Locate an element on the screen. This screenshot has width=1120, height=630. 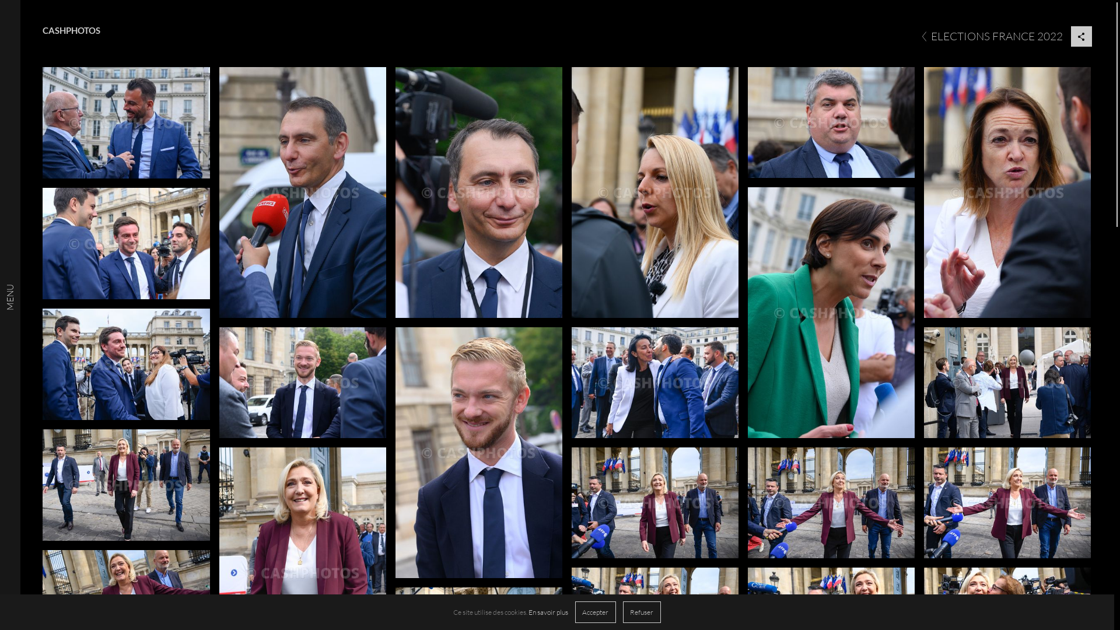
'Accepter' is located at coordinates (596, 611).